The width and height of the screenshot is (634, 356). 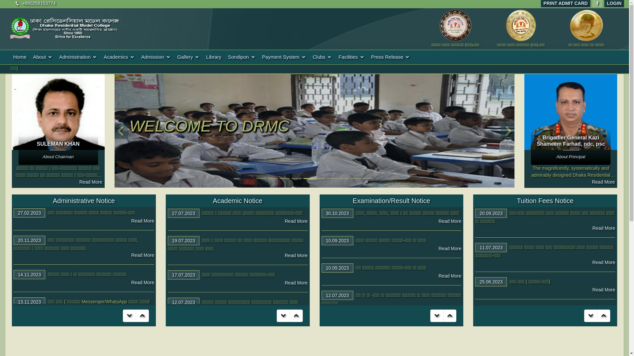 I want to click on 'Home', so click(x=19, y=57).